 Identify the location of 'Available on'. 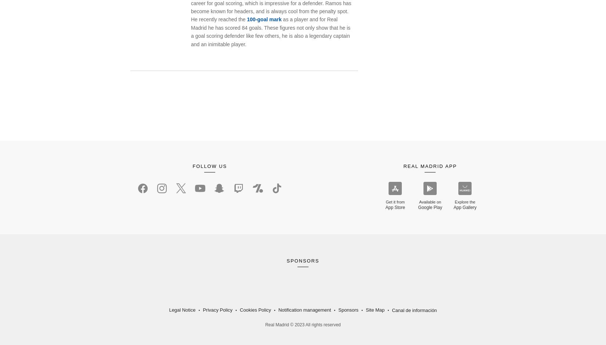
(430, 202).